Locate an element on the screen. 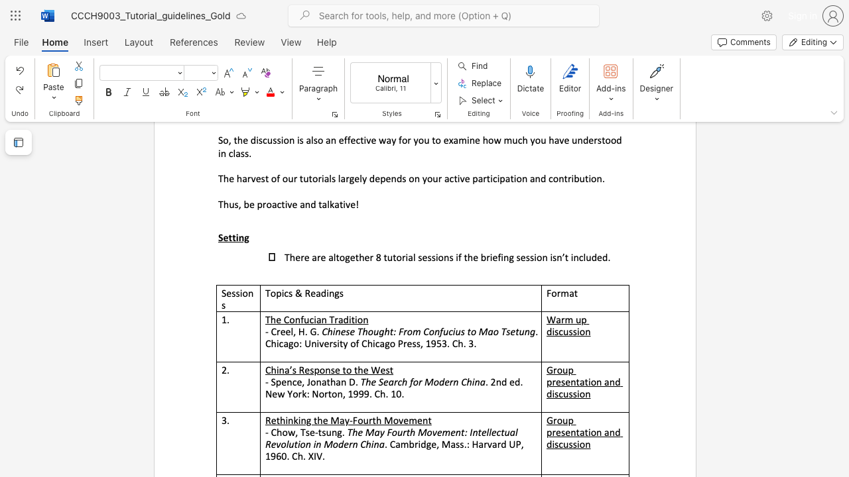 Image resolution: width=849 pixels, height=477 pixels. the subset text "on" within the text "The Confucian Tradition" is located at coordinates (357, 319).